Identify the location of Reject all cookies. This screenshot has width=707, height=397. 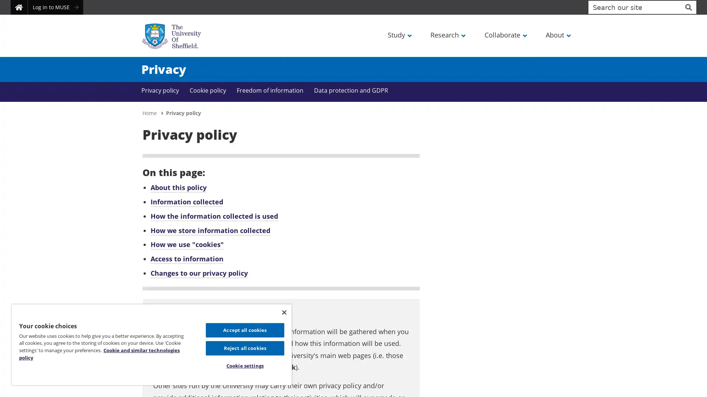
(245, 347).